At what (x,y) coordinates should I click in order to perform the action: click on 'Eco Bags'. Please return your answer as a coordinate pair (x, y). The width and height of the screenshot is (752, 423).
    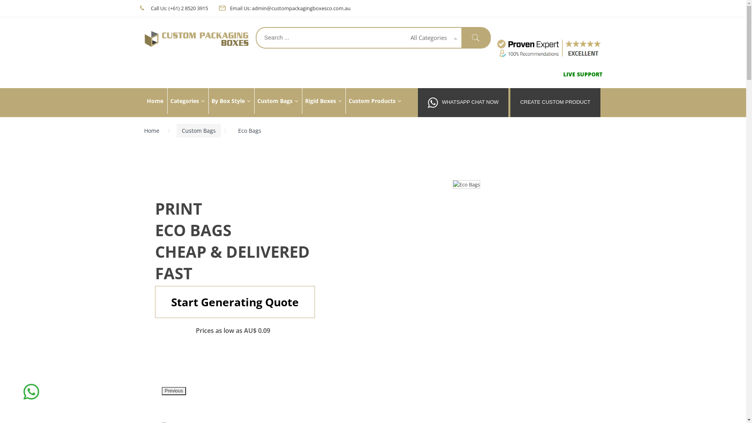
    Looking at the image, I should click on (466, 184).